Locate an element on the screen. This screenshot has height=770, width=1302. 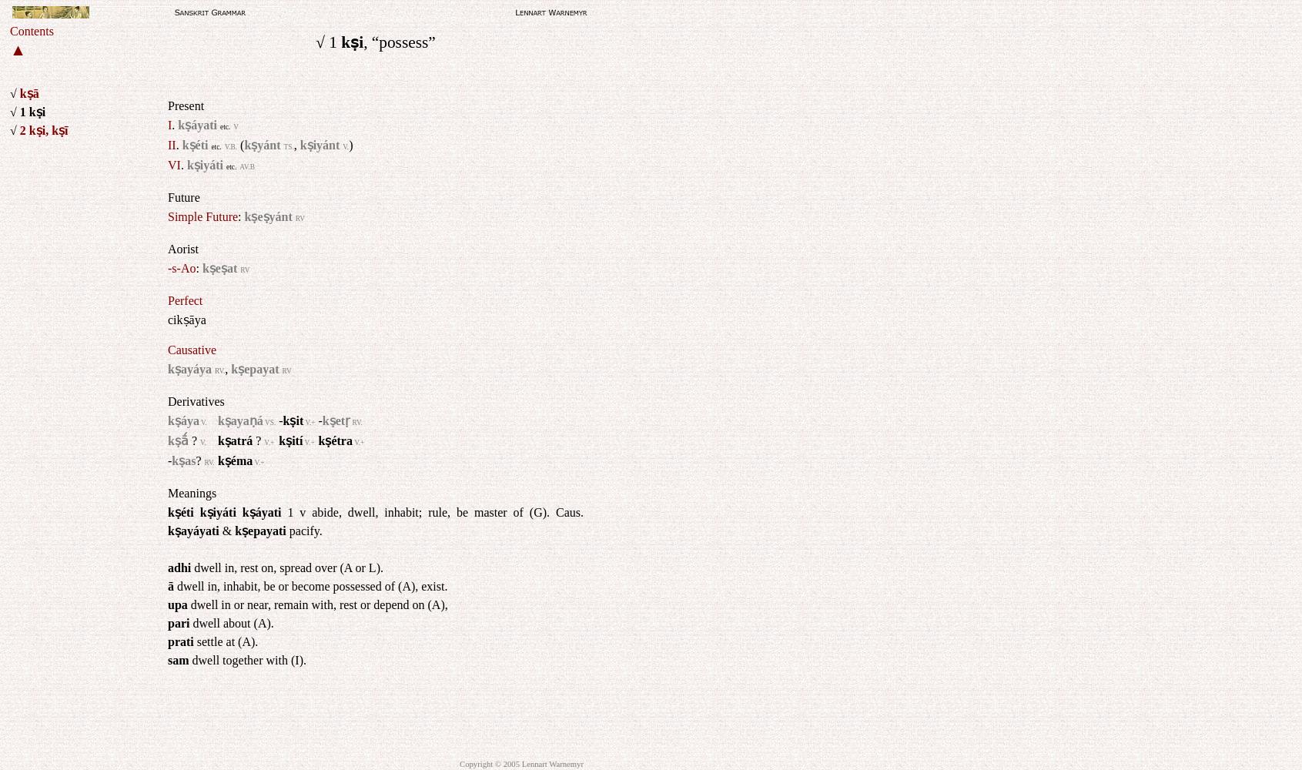
'kṣéma' is located at coordinates (235, 460).